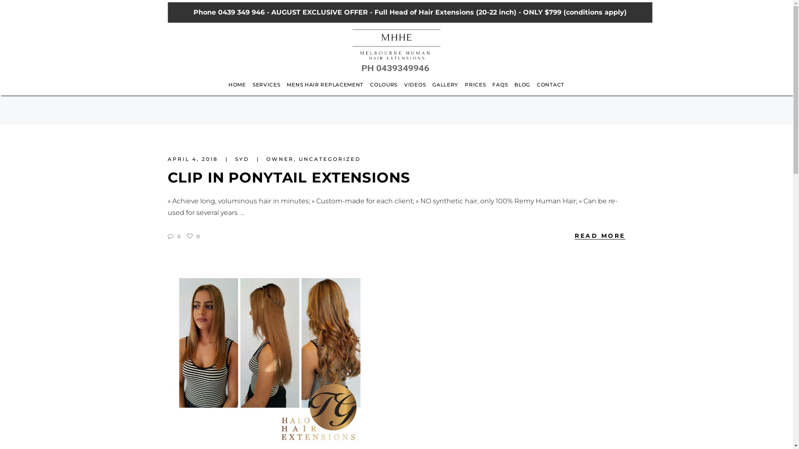  What do you see at coordinates (475, 90) in the screenshot?
I see `'PRICES'` at bounding box center [475, 90].